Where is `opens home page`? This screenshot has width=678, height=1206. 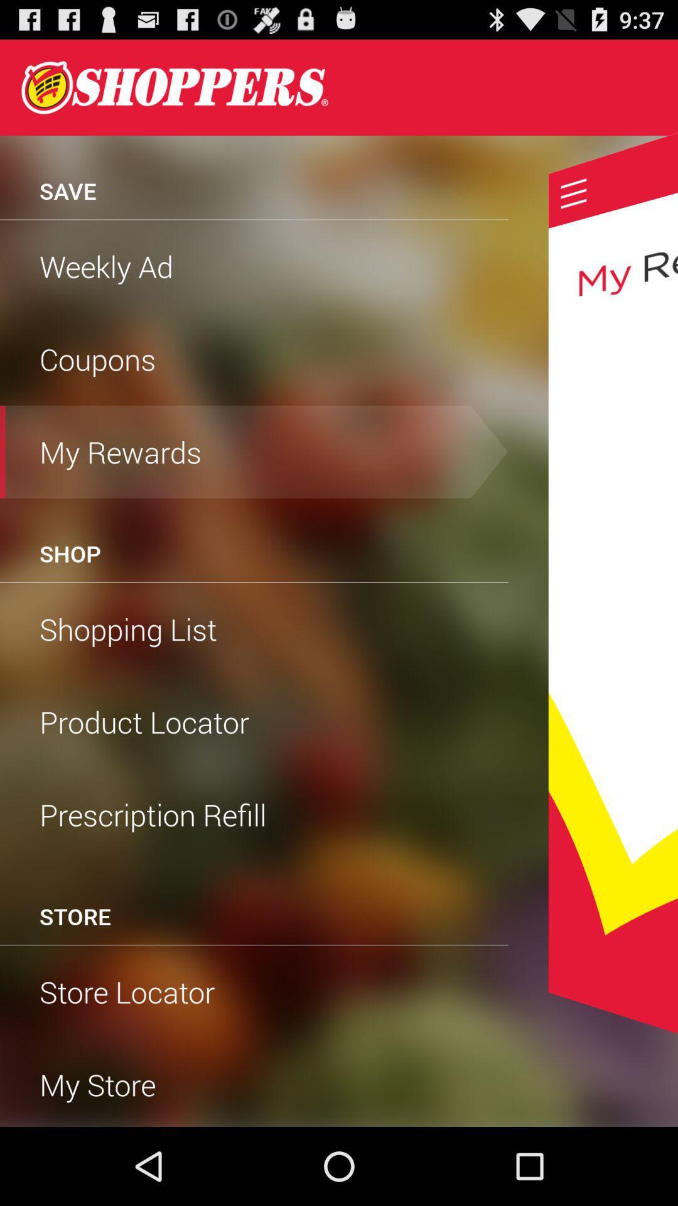
opens home page is located at coordinates (175, 87).